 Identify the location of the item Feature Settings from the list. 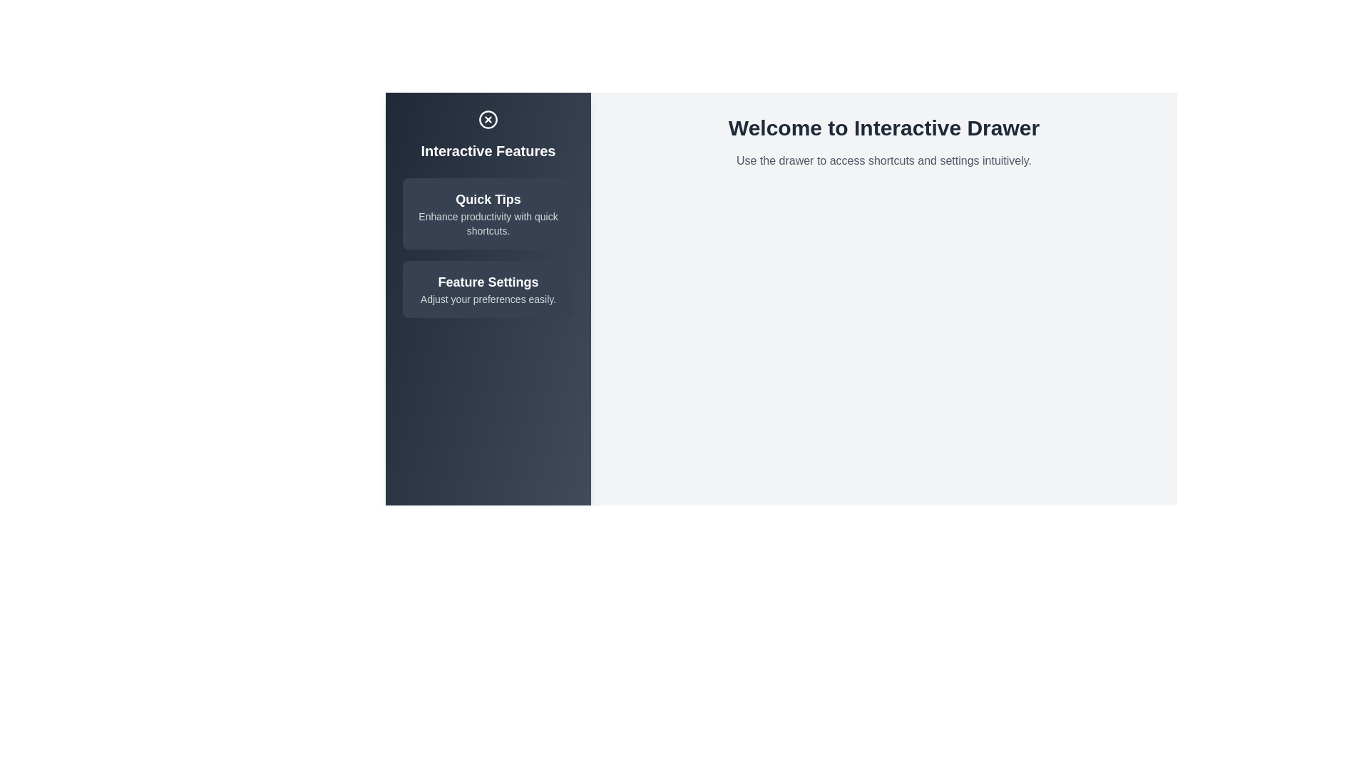
(488, 289).